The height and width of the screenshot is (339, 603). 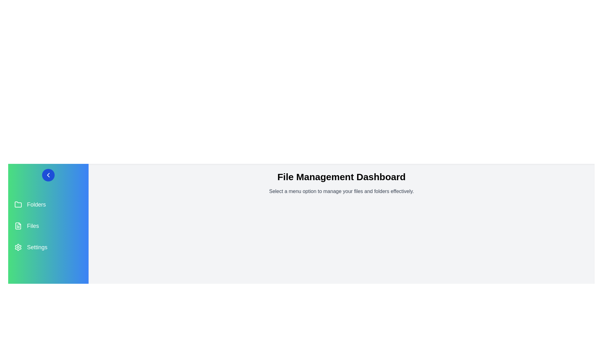 I want to click on the menu item Files, so click(x=48, y=226).